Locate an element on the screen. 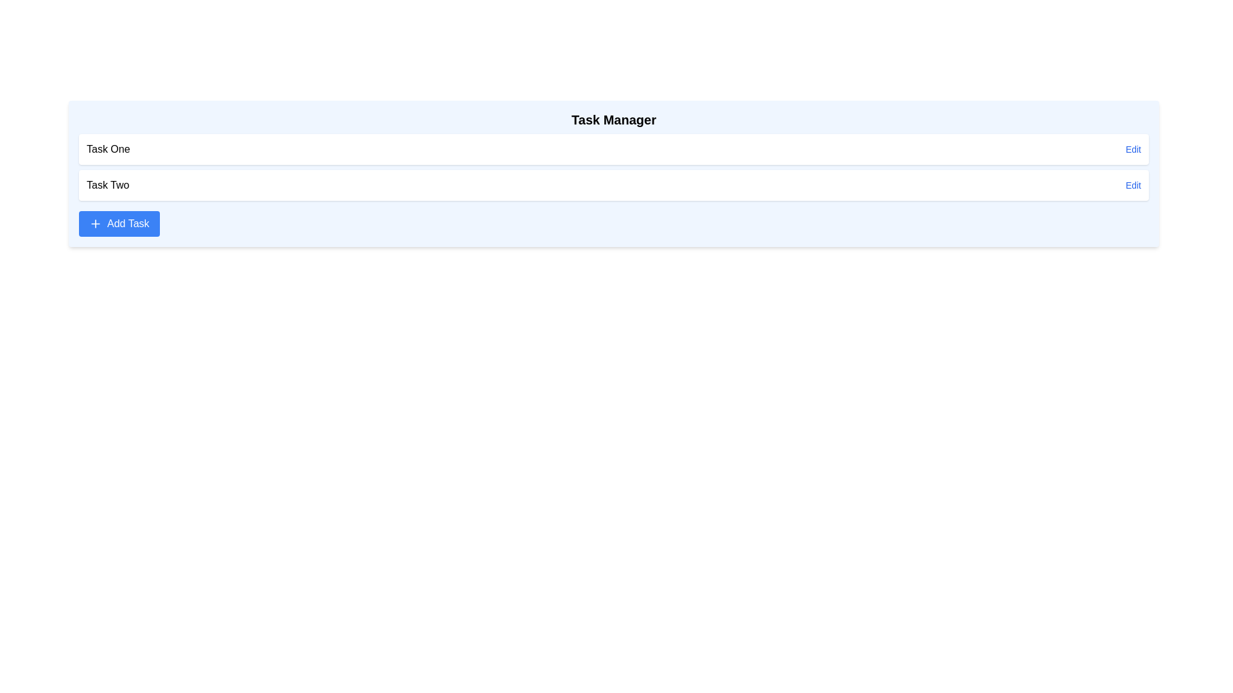 The height and width of the screenshot is (693, 1233). the 'Add Task' button located just below the list of tasks in the 'Task Manager' interface is located at coordinates (119, 223).